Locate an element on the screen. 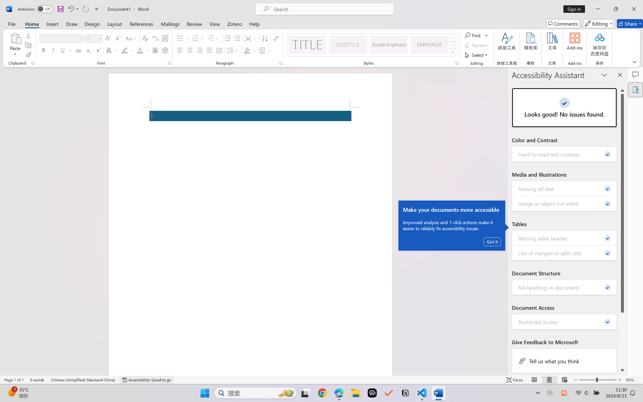  'Line down' is located at coordinates (622, 370).